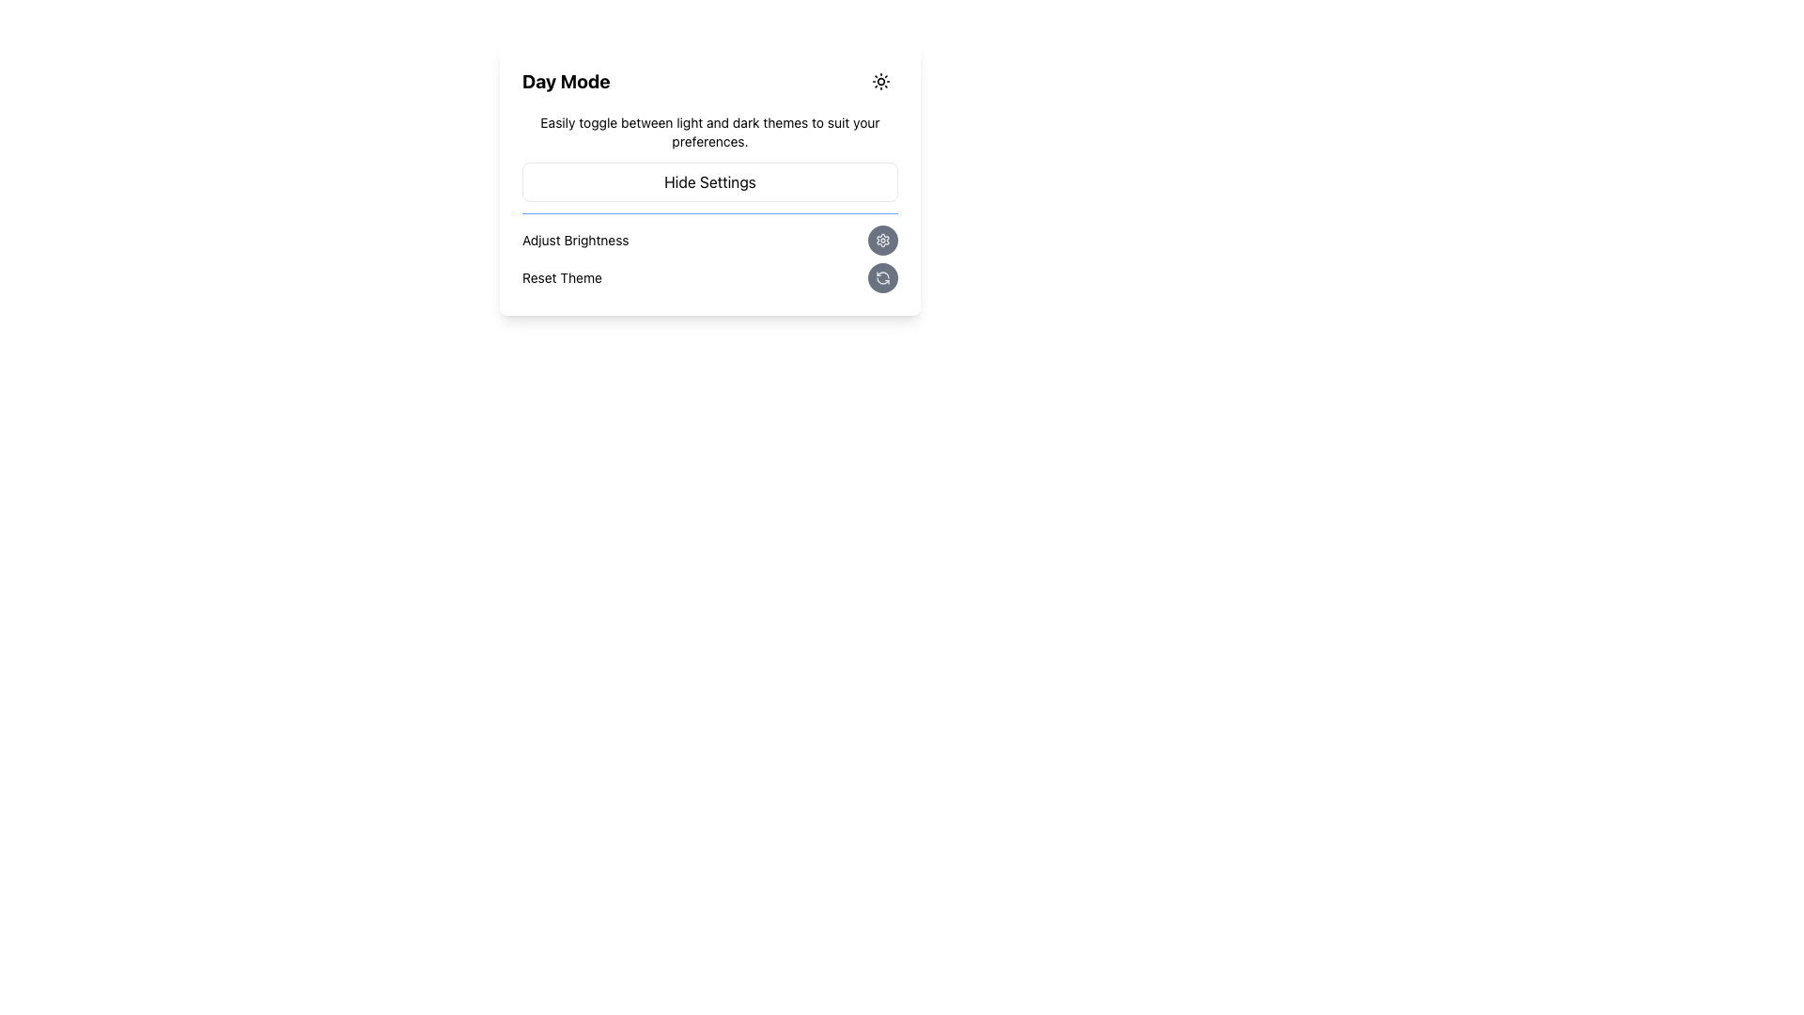  I want to click on the text label that serves as a header indicating the current mode or theme setting, located in the upper-left portion of a rectangular card, so click(565, 81).